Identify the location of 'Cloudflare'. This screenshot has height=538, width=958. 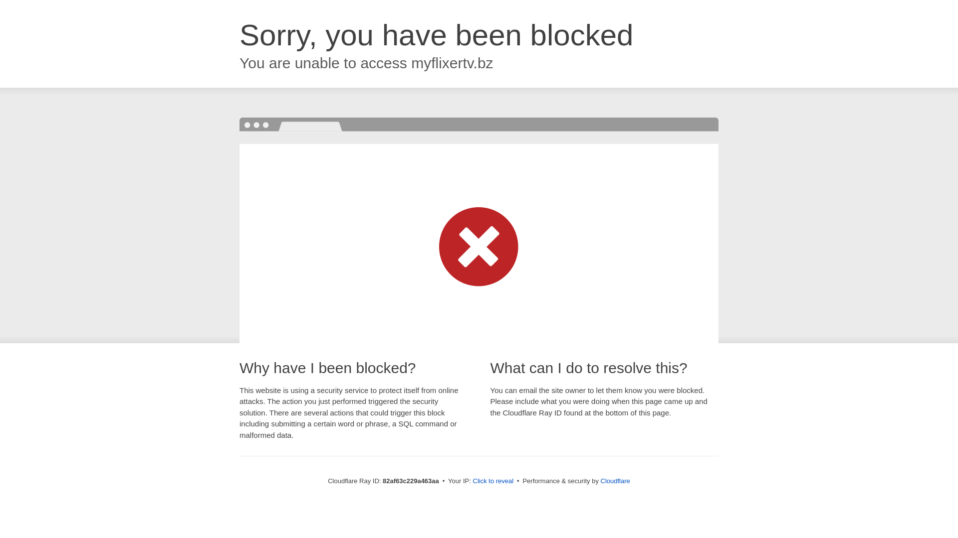
(615, 480).